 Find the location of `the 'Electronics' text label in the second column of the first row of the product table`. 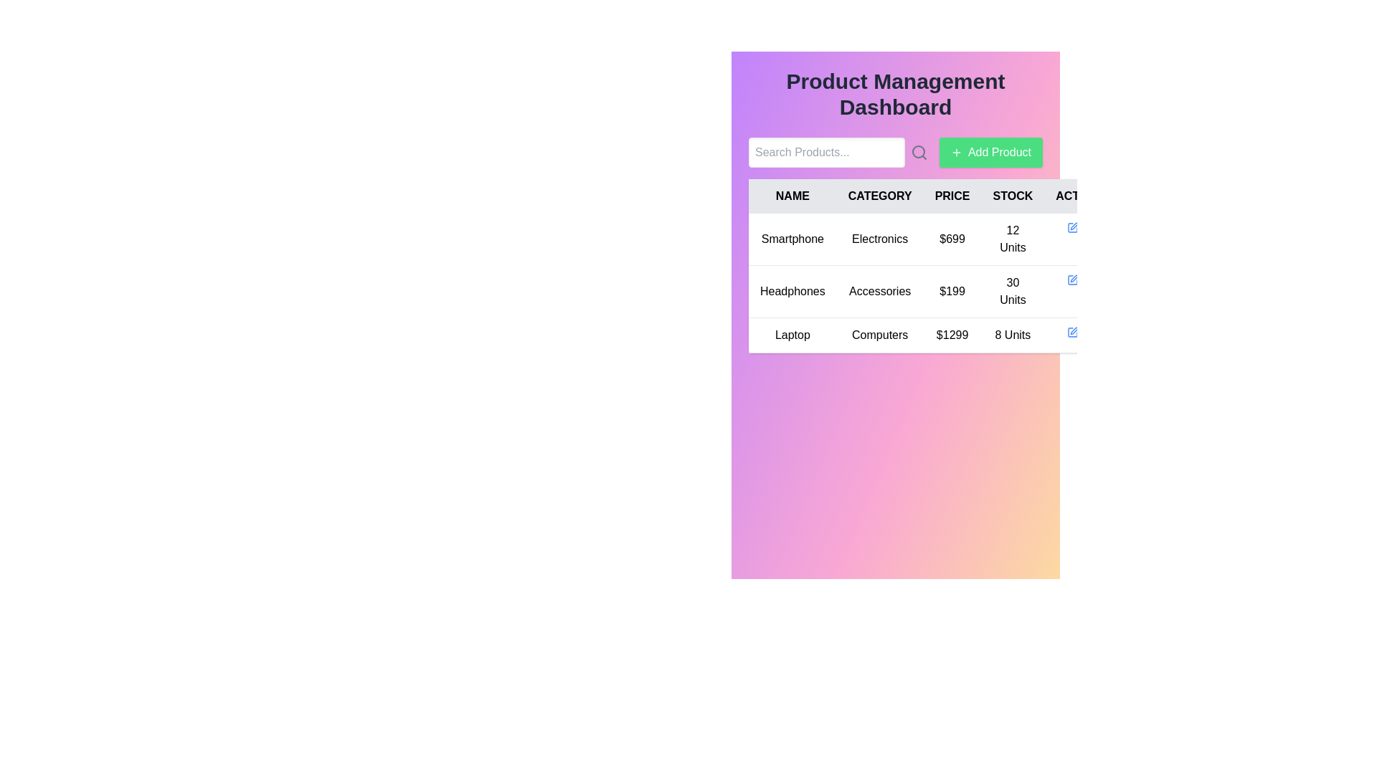

the 'Electronics' text label in the second column of the first row of the product table is located at coordinates (879, 239).